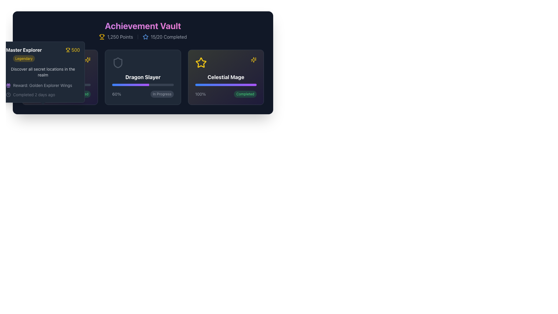 The width and height of the screenshot is (558, 314). Describe the element at coordinates (143, 77) in the screenshot. I see `the 'Dragon Slayer' achievement progress display card, which features a dark background, bold white title, a blue to purple progress bar, and gray text indicating '60% In Progress', to delve deeper into its details` at that location.